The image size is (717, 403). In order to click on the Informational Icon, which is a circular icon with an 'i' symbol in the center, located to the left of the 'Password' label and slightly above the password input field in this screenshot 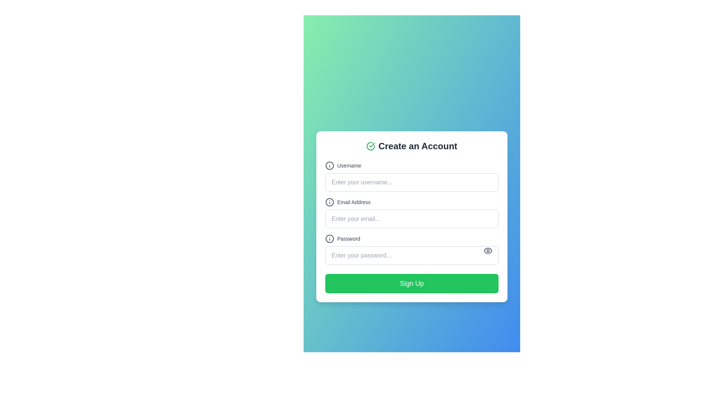, I will do `click(329, 239)`.